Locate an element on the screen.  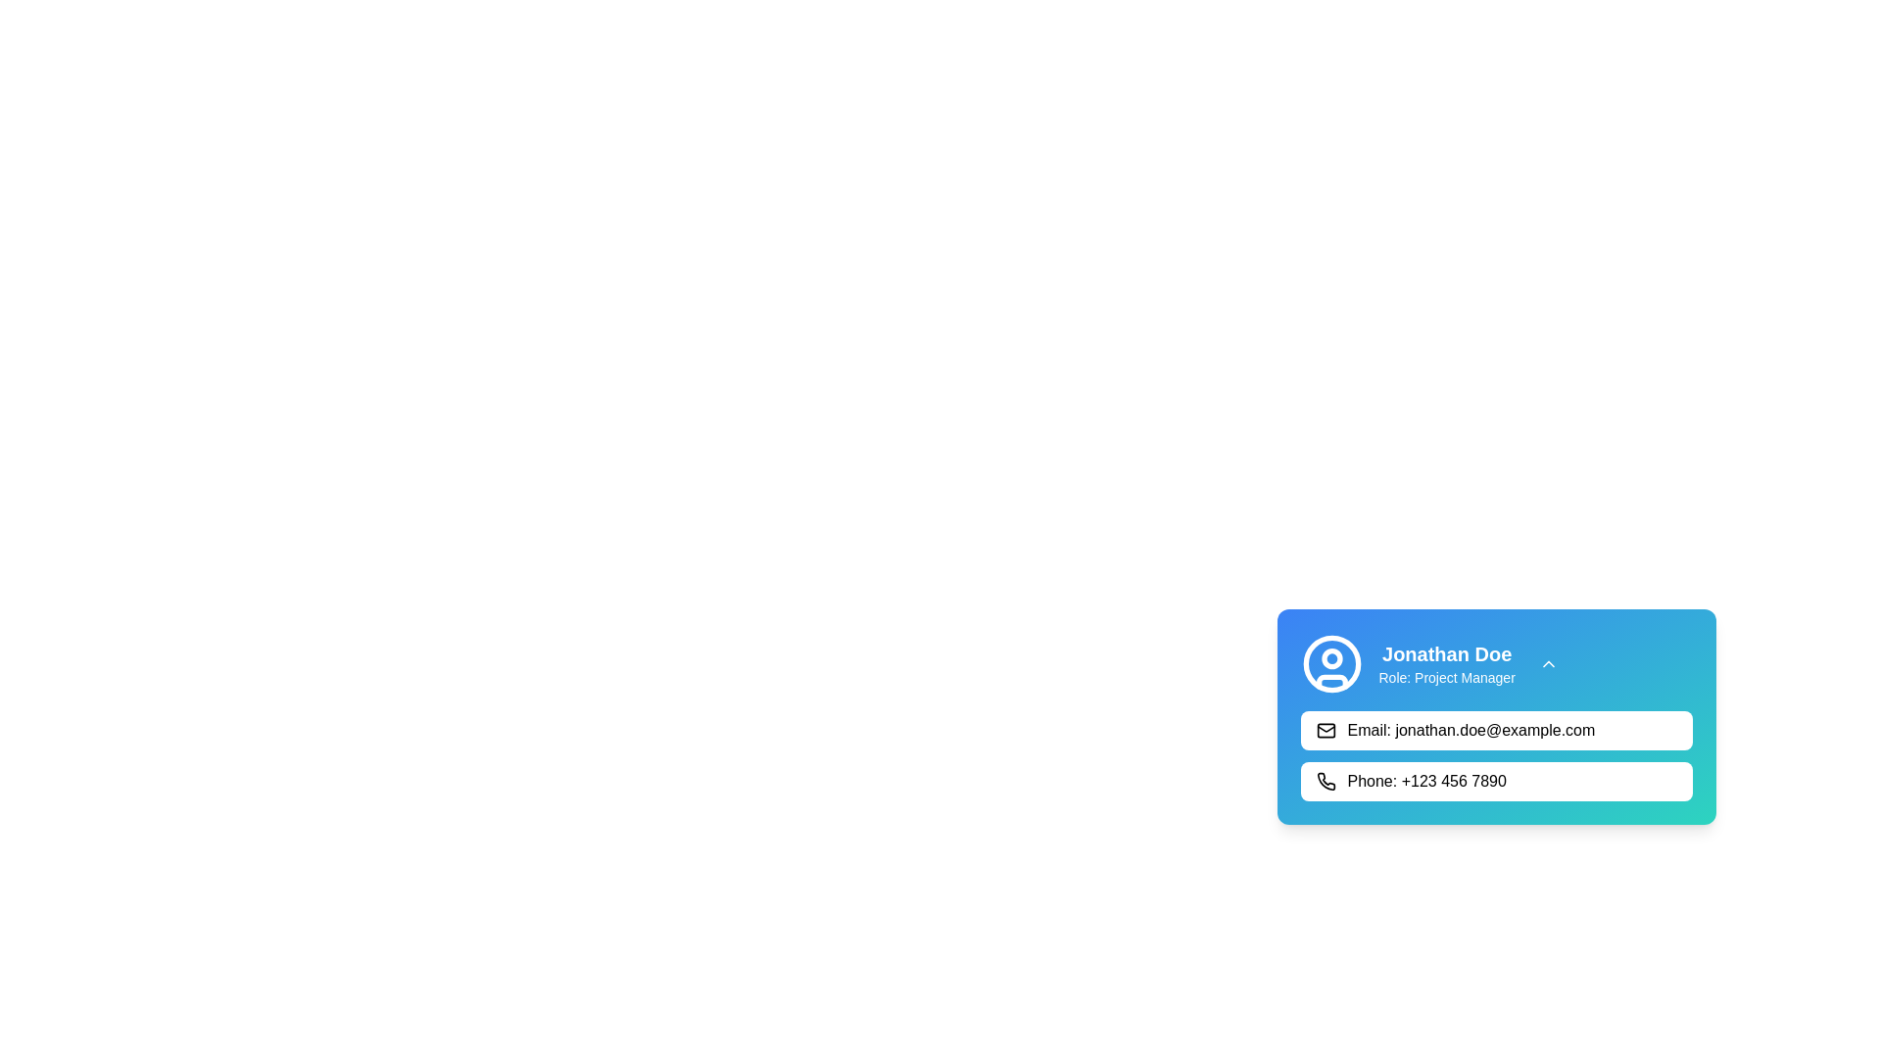
the clickable information block displaying 'Email: jonathan.doe@example.com' is located at coordinates (1495, 730).